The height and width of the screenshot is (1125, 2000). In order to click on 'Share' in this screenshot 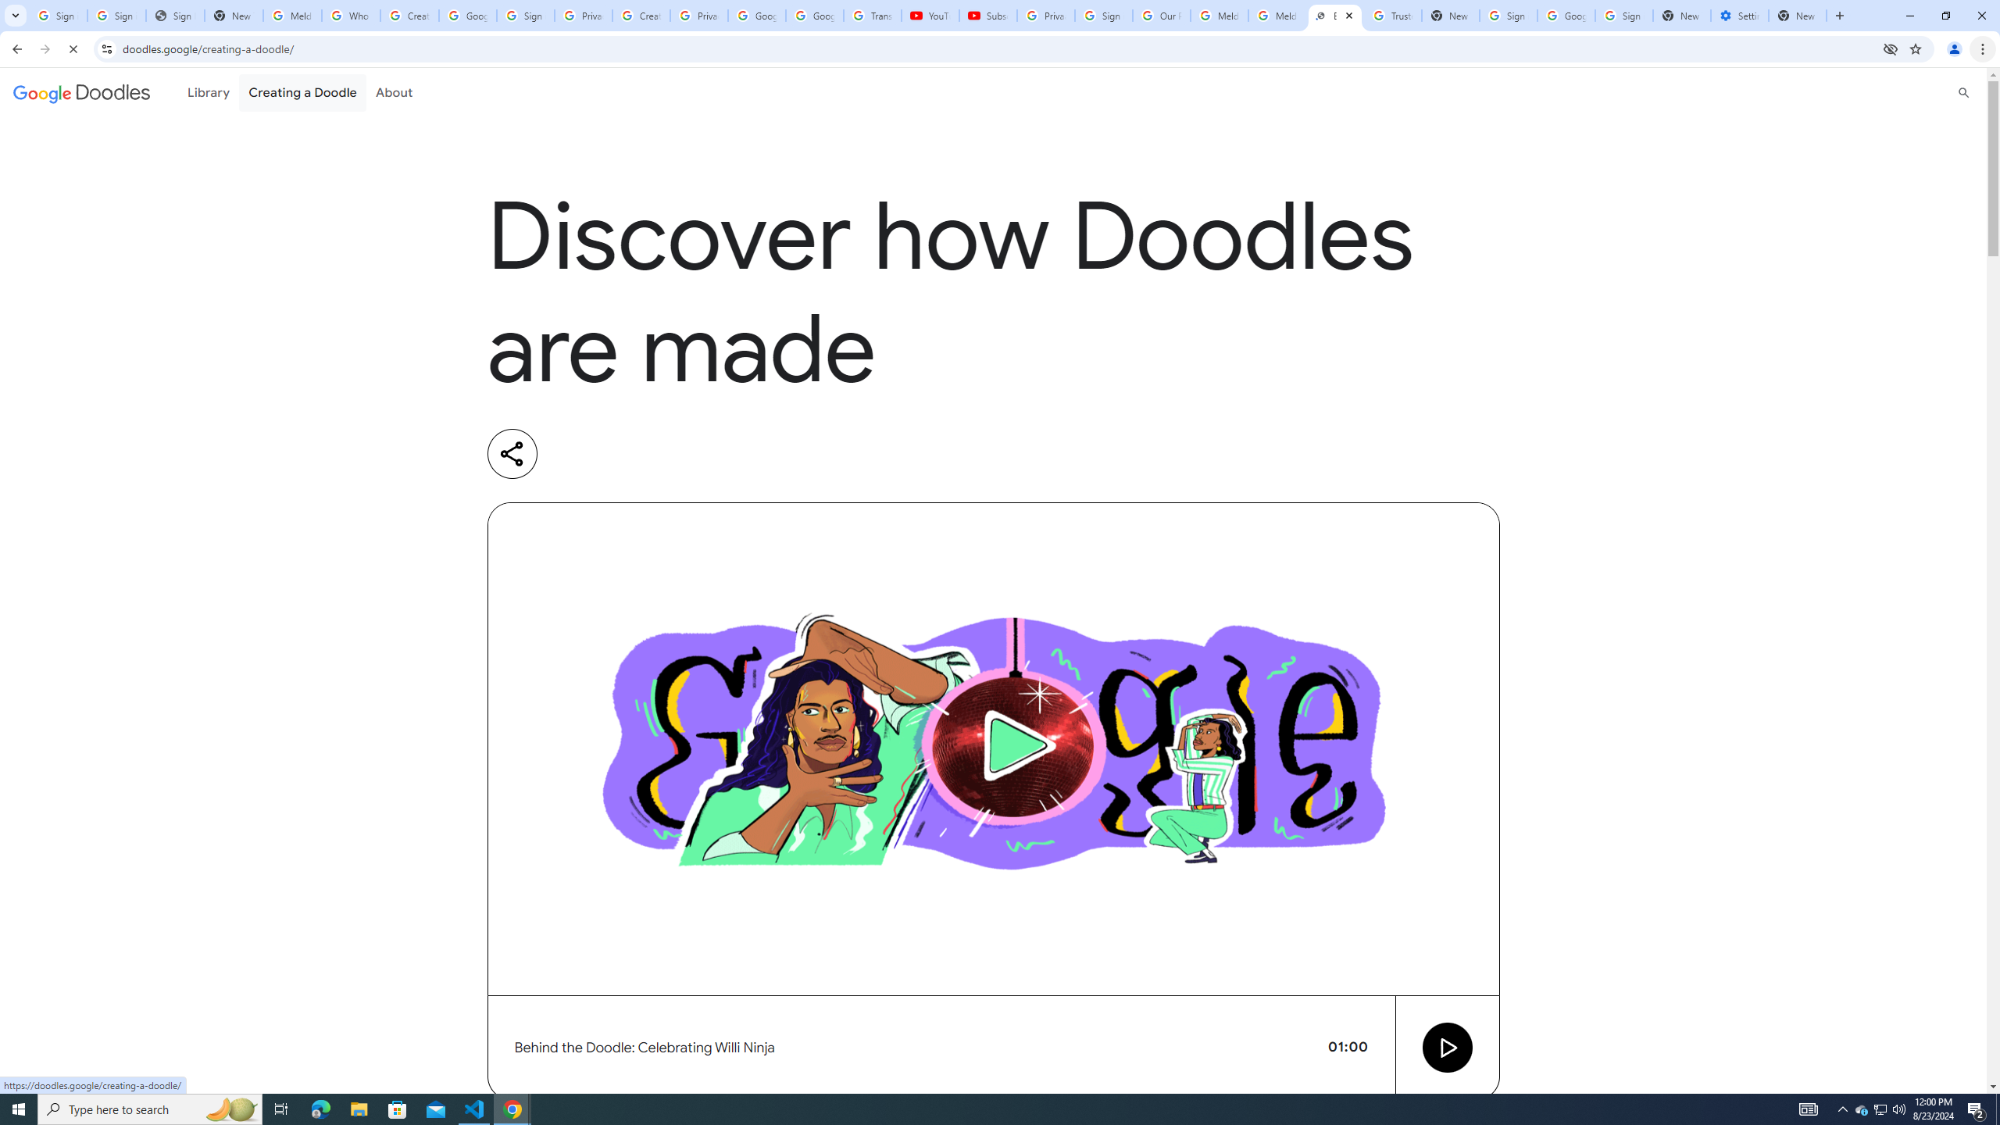, I will do `click(512, 454)`.